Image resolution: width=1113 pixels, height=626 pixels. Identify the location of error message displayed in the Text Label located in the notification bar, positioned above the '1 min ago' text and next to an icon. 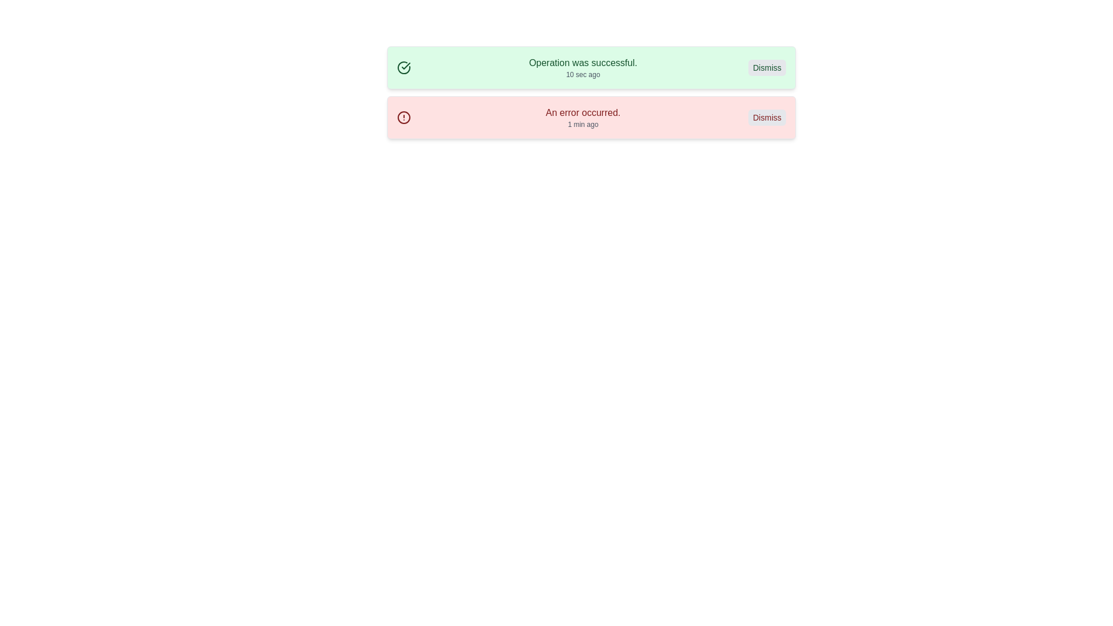
(583, 113).